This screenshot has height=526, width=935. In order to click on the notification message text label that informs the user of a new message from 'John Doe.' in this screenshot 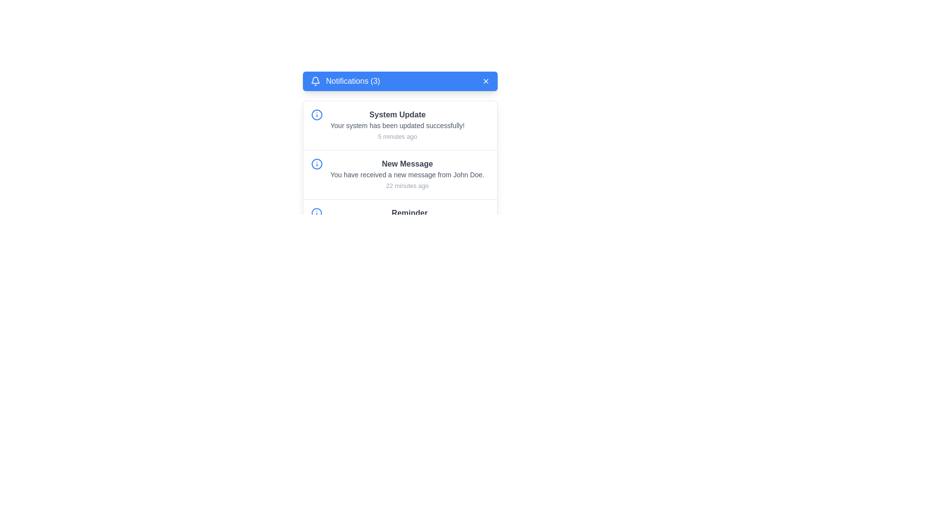, I will do `click(407, 174)`.